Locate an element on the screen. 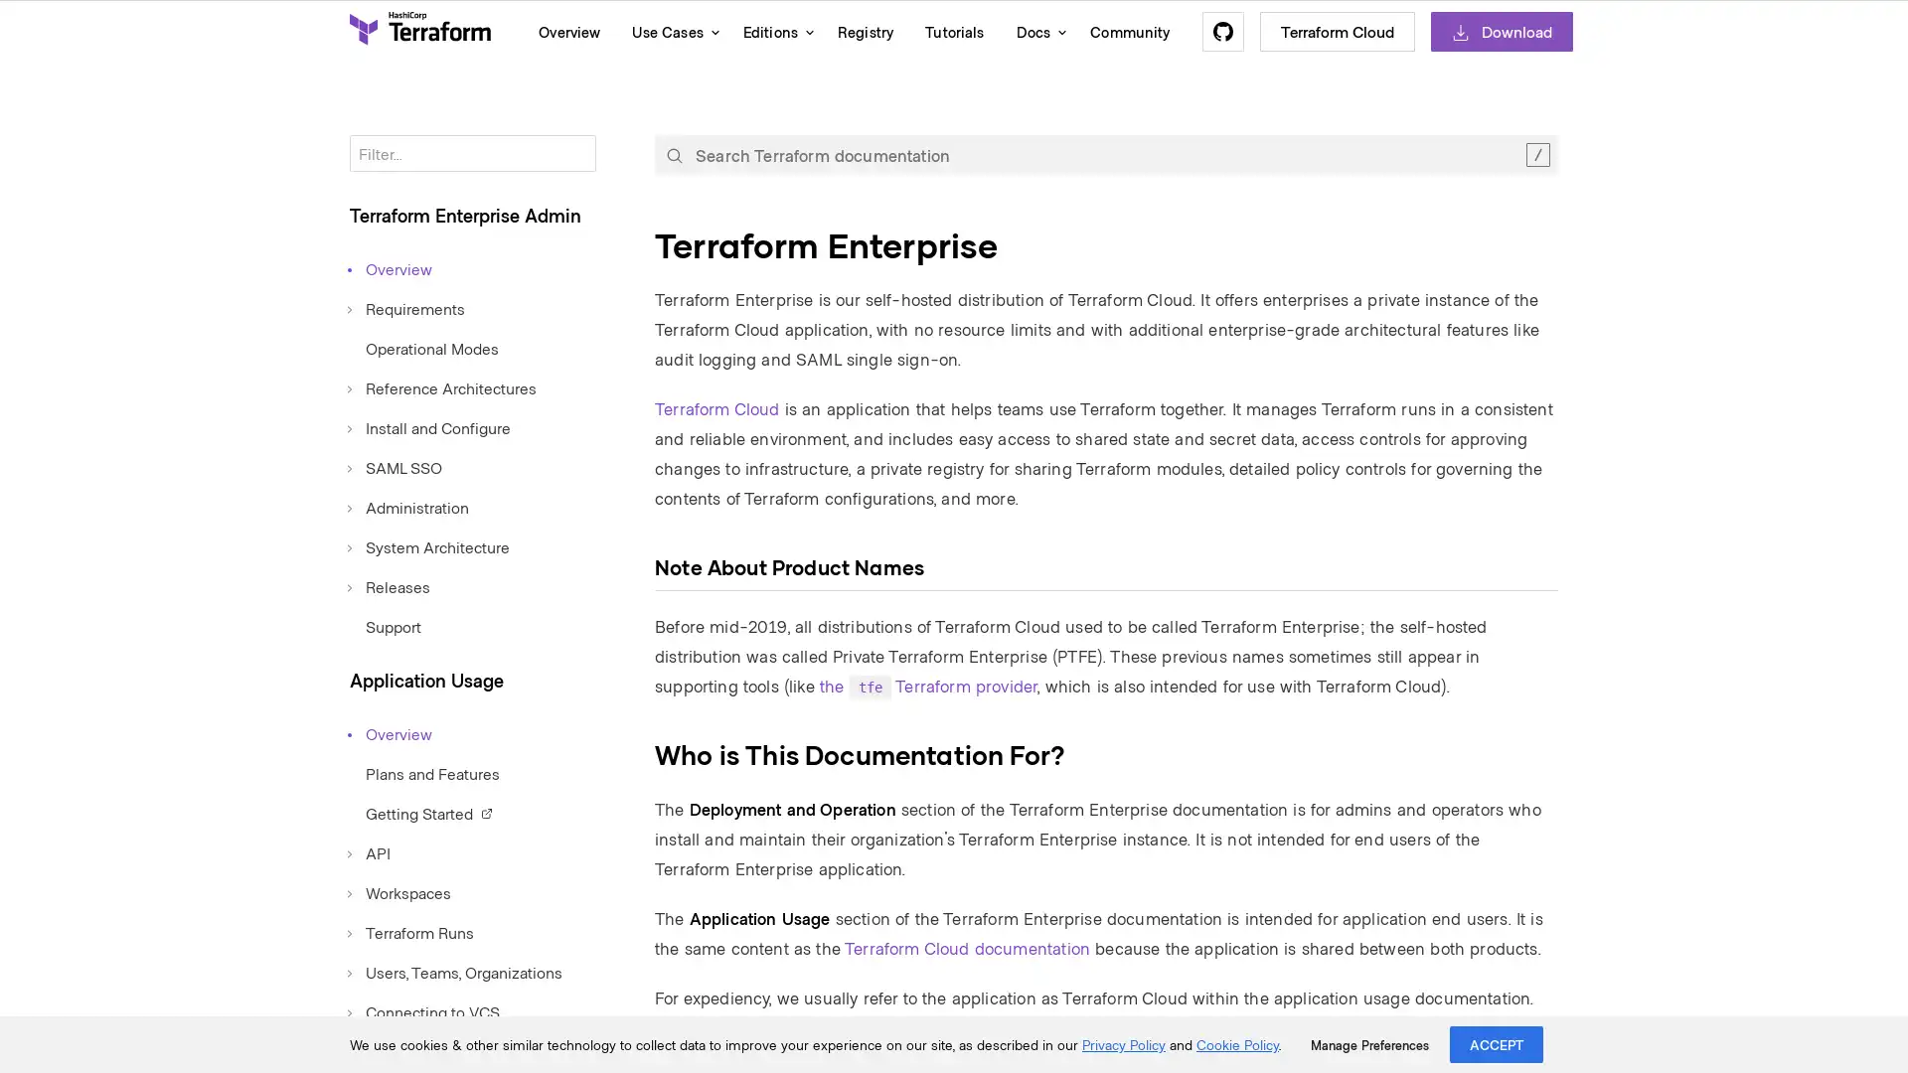 The height and width of the screenshot is (1073, 1908). Releases is located at coordinates (390, 585).